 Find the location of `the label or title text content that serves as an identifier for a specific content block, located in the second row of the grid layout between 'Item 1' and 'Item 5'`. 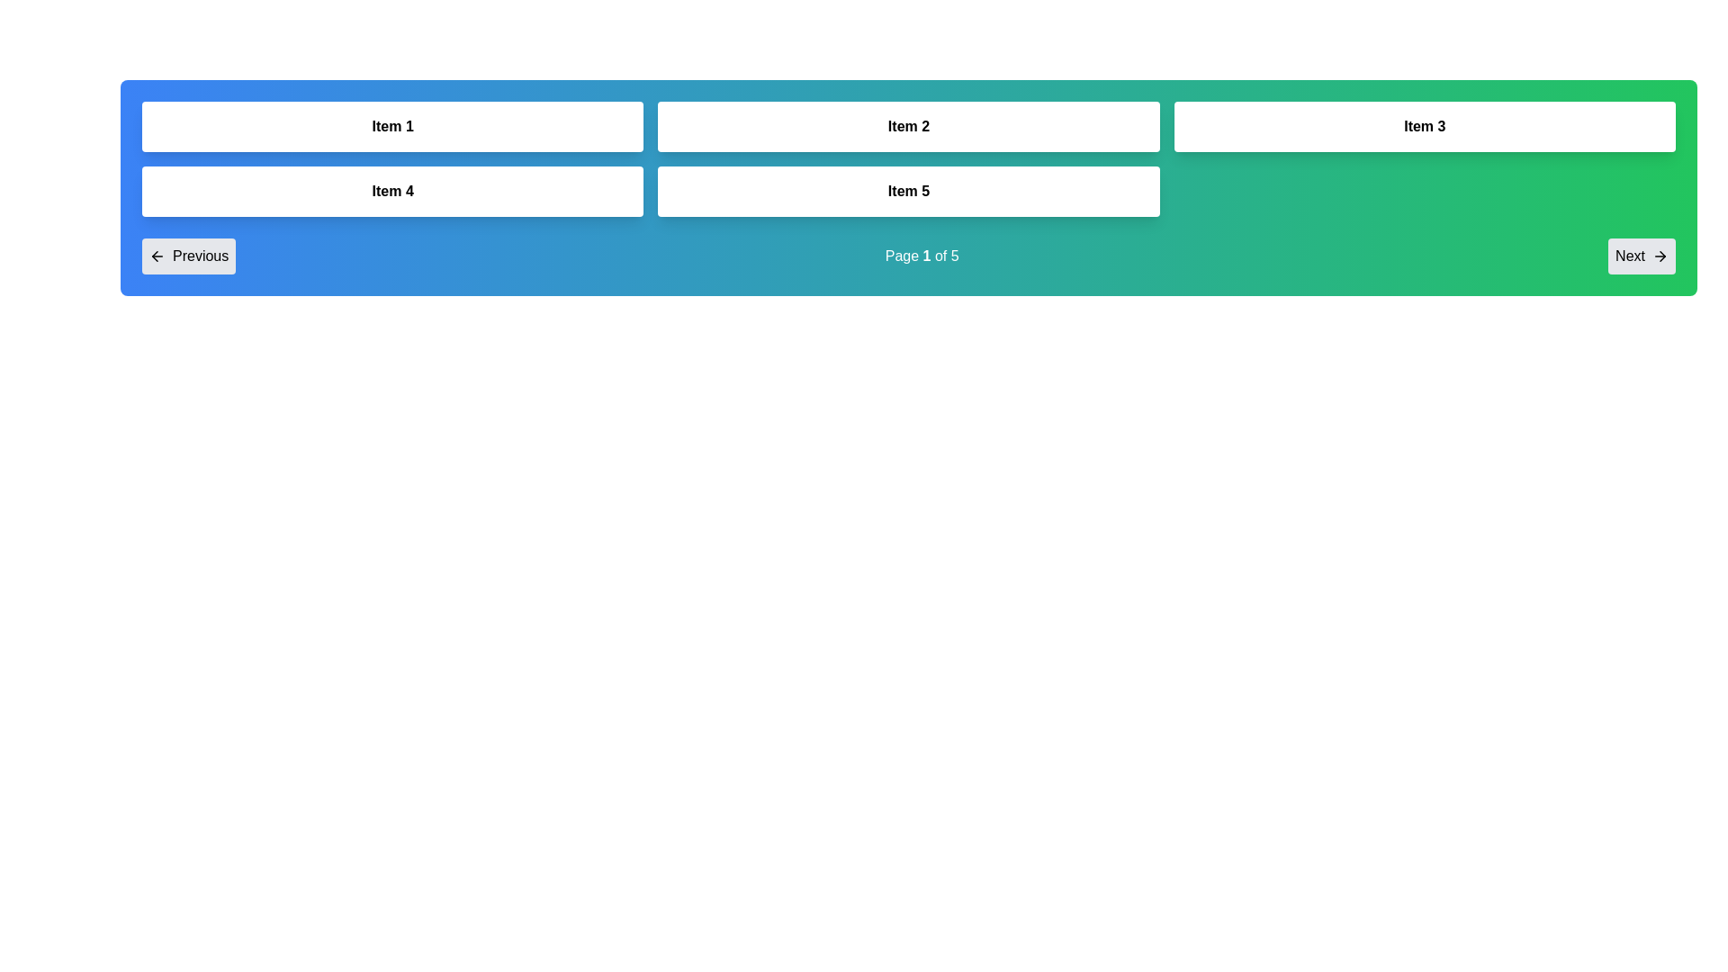

the label or title text content that serves as an identifier for a specific content block, located in the second row of the grid layout between 'Item 1' and 'Item 5' is located at coordinates (391, 191).